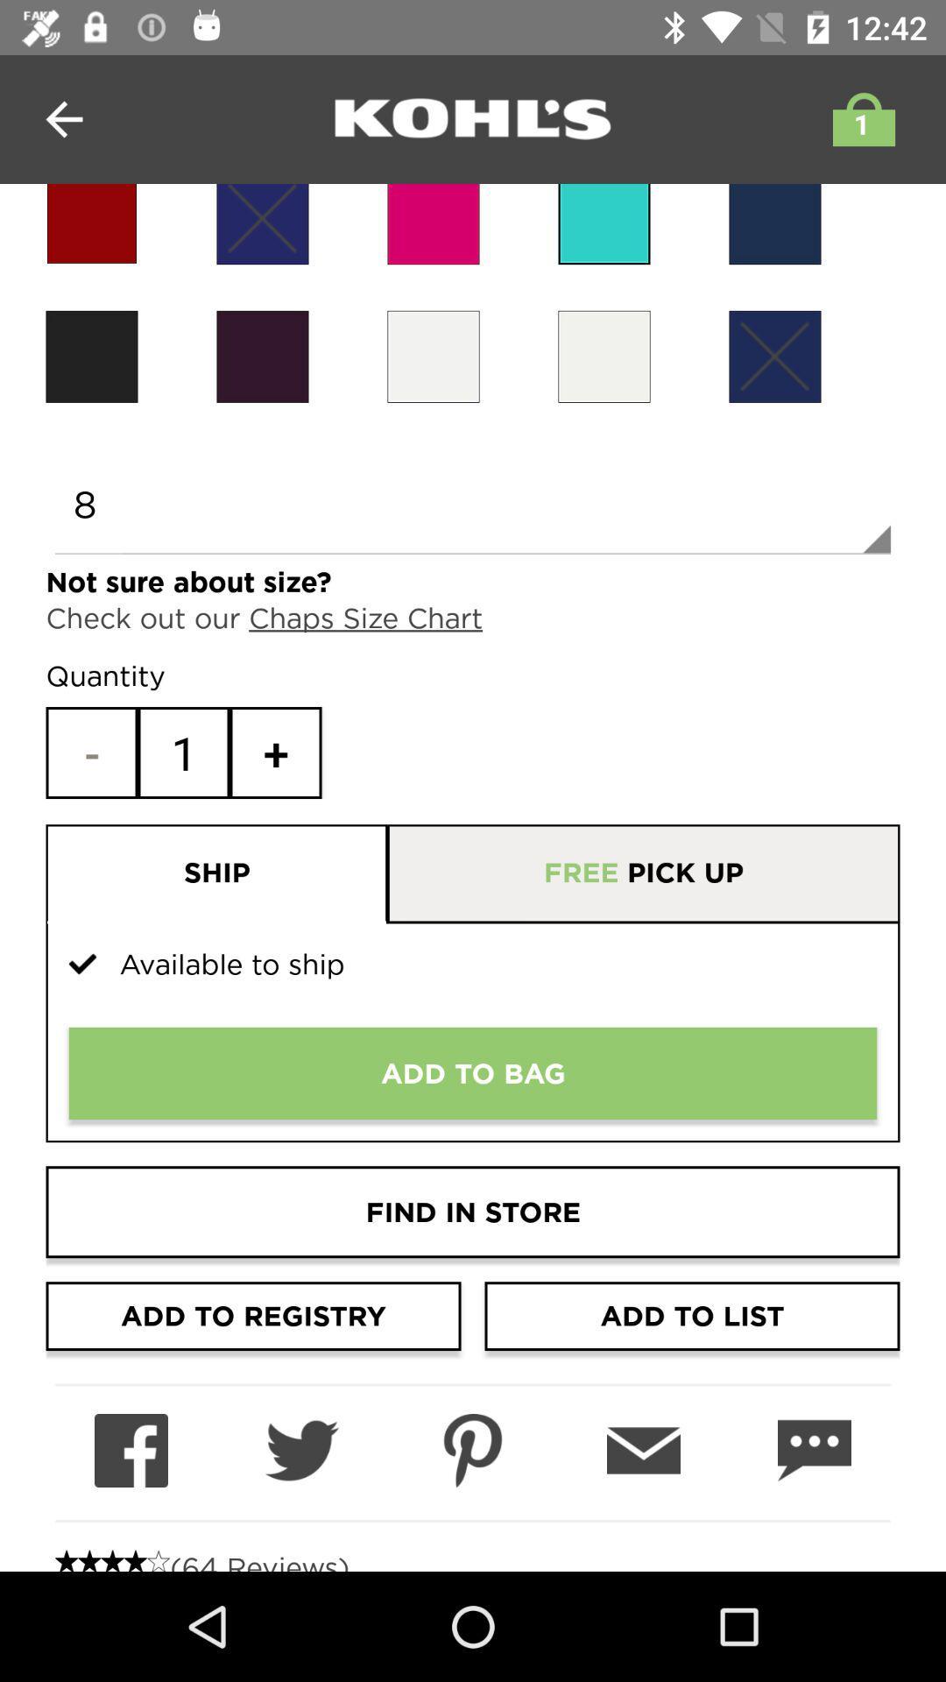  I want to click on shopping cart, so click(858, 118).